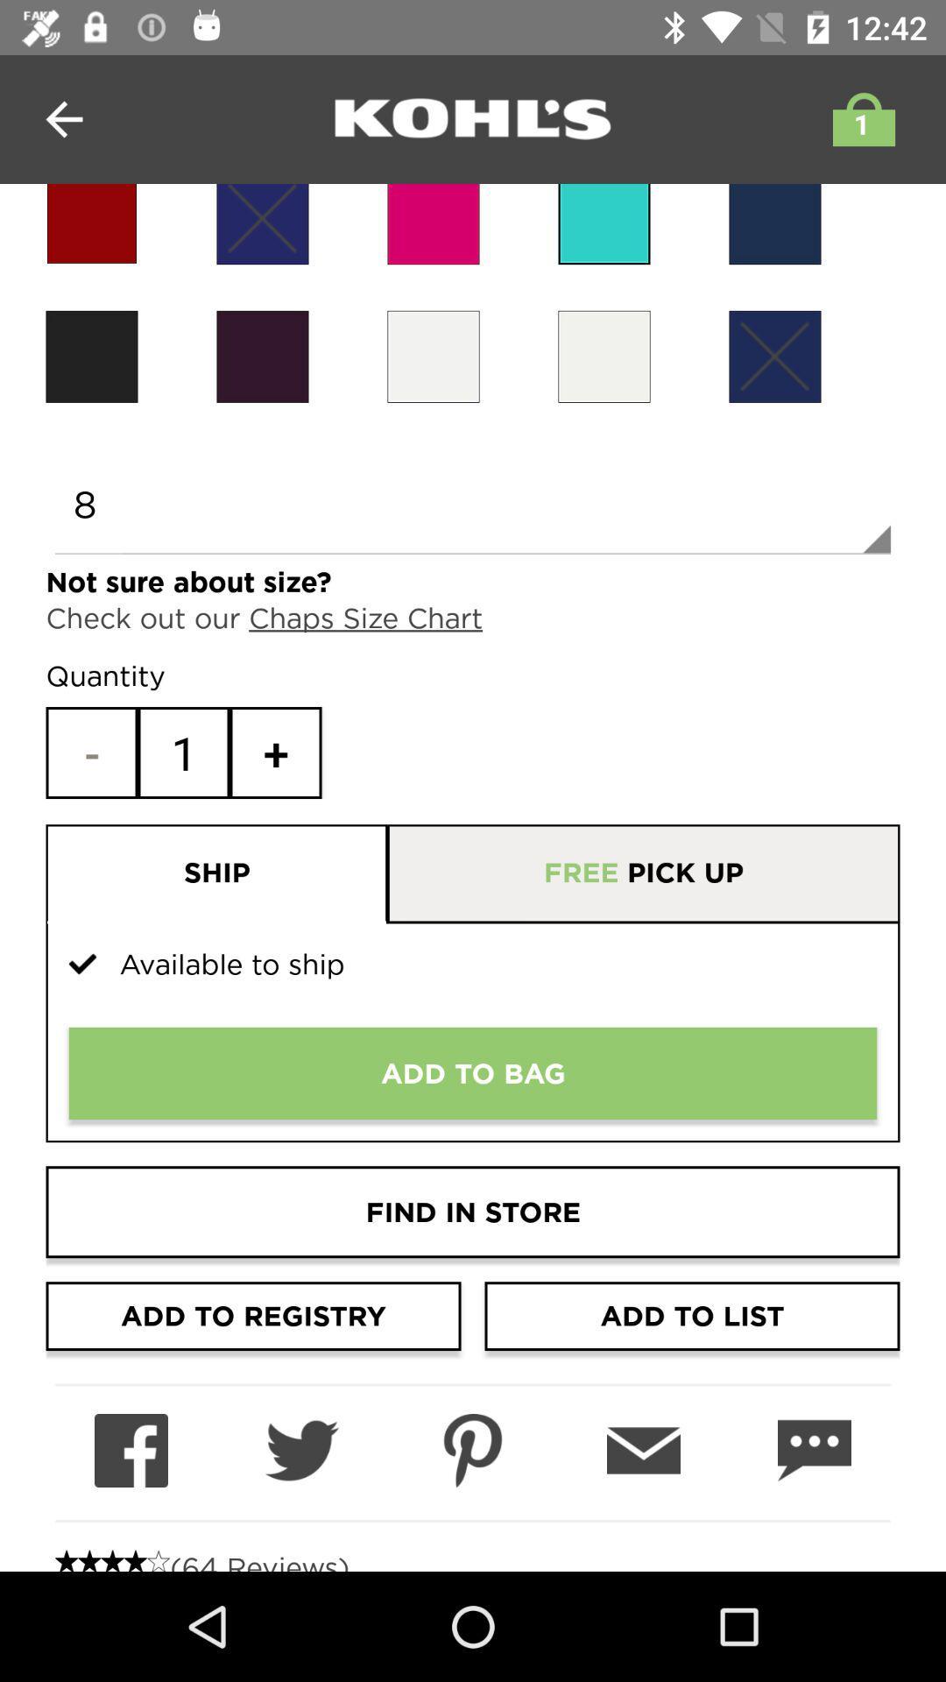  I want to click on shopping cart, so click(858, 118).